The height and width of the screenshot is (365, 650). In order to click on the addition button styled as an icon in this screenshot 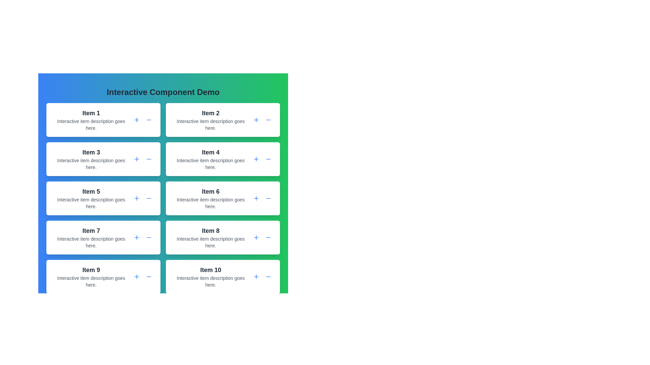, I will do `click(136, 159)`.